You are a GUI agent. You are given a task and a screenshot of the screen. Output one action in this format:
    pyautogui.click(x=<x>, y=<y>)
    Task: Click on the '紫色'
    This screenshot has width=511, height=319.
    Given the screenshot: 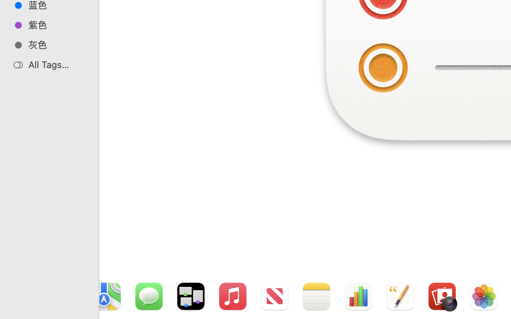 What is the action you would take?
    pyautogui.click(x=56, y=24)
    